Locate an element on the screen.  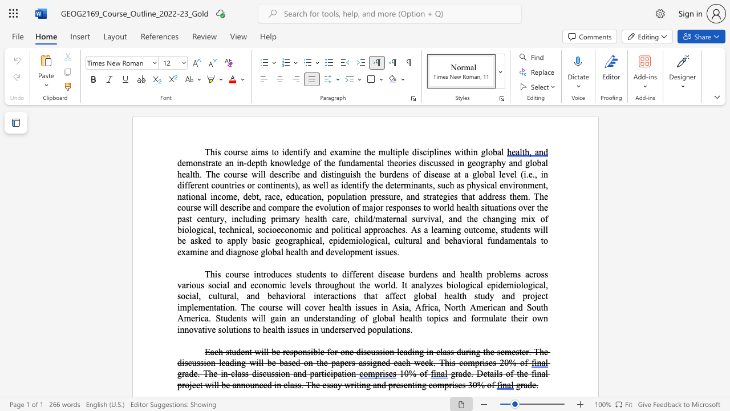
the 1th character "d" in the text is located at coordinates (238, 351).